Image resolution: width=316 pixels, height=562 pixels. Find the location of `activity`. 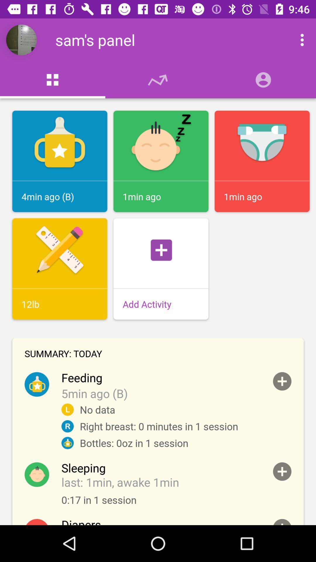

activity is located at coordinates (282, 472).